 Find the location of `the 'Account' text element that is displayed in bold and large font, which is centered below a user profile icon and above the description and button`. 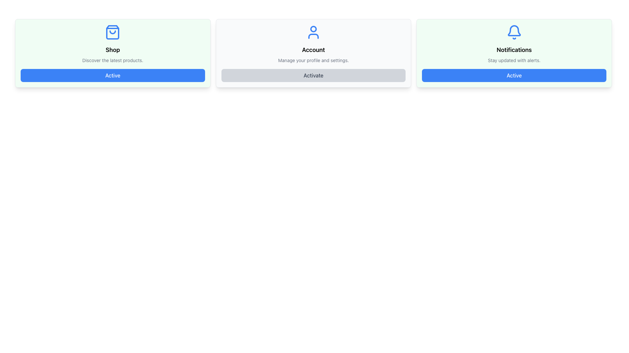

the 'Account' text element that is displayed in bold and large font, which is centered below a user profile icon and above the description and button is located at coordinates (313, 50).